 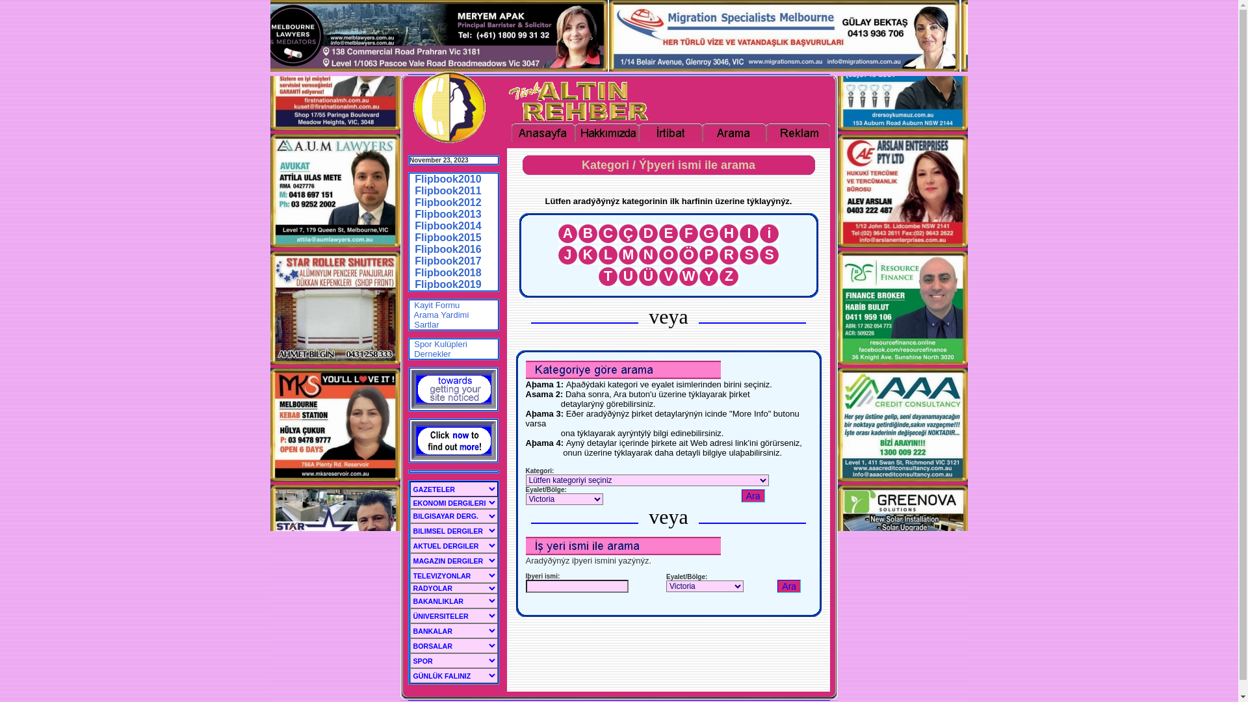 What do you see at coordinates (749, 257) in the screenshot?
I see `'S'` at bounding box center [749, 257].